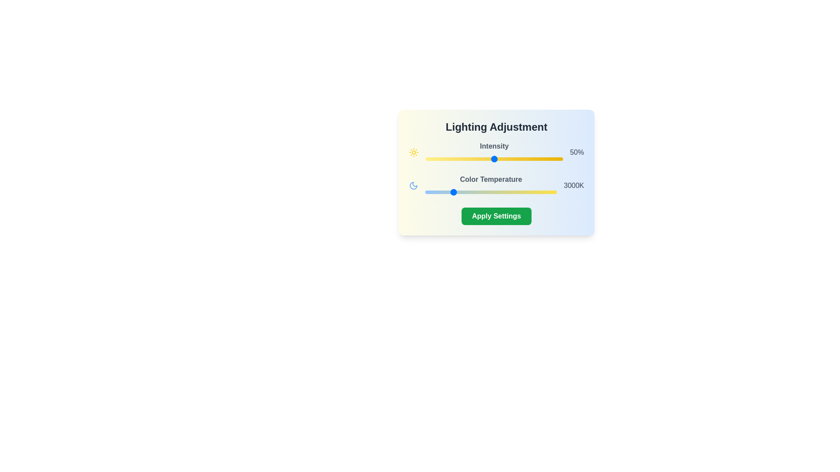 Image resolution: width=840 pixels, height=472 pixels. What do you see at coordinates (534, 191) in the screenshot?
I see `the color temperature slider to set it to 6163 Kelvin` at bounding box center [534, 191].